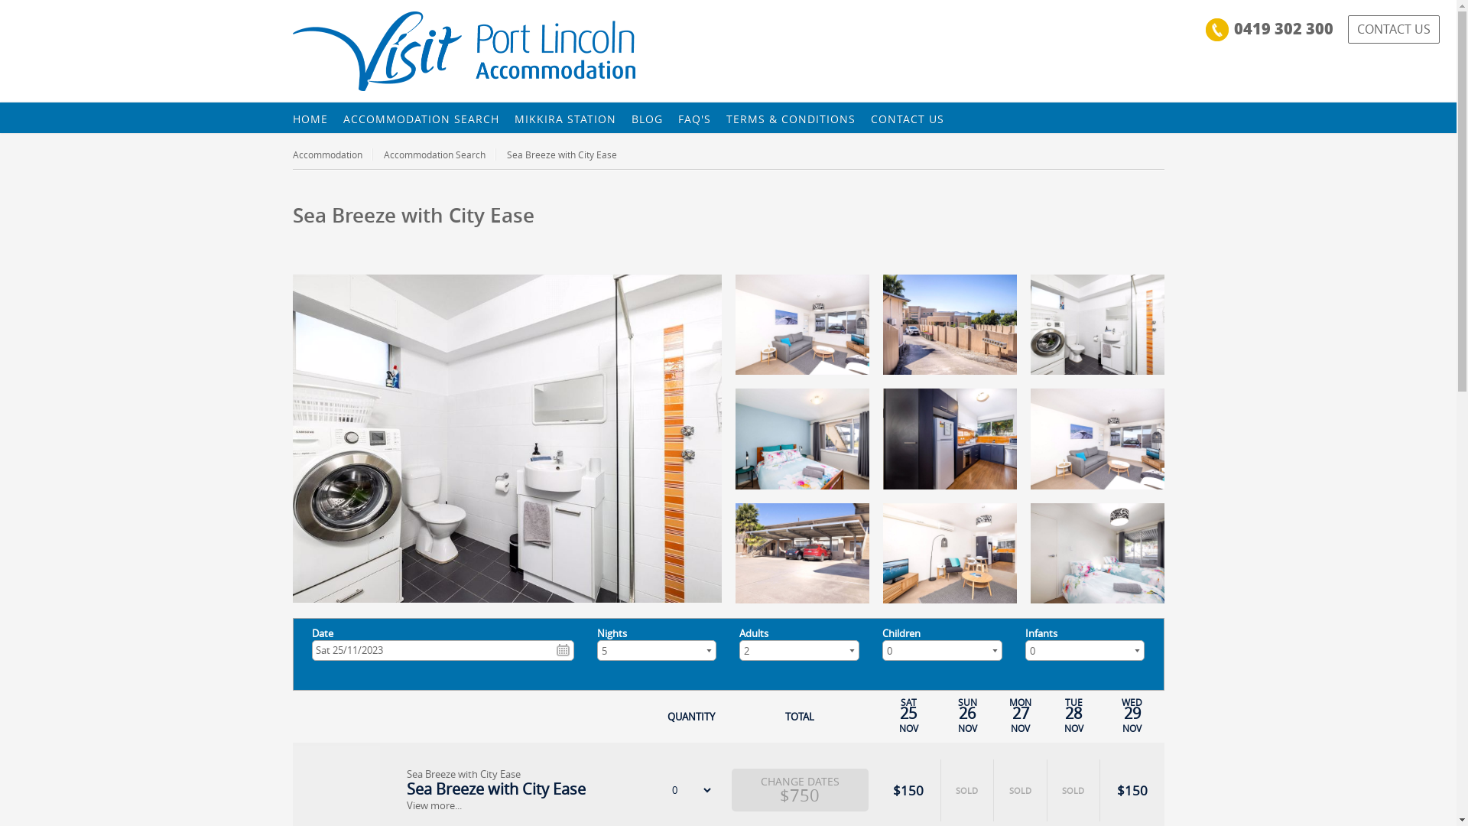  I want to click on 'WED', so click(1132, 702).